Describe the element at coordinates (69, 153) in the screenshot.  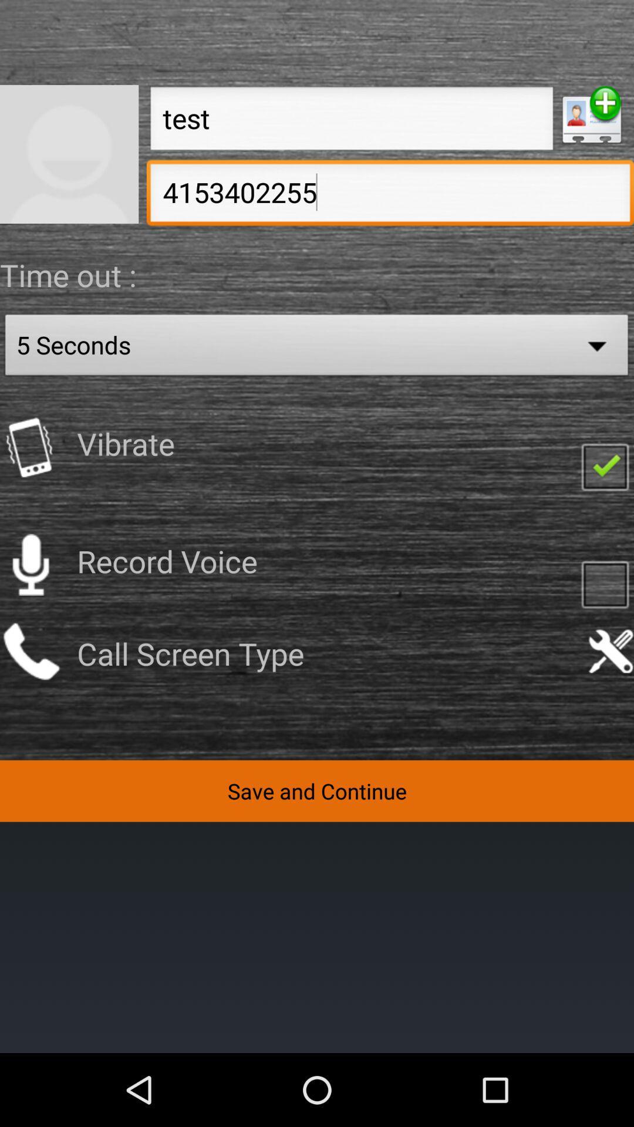
I see `profile` at that location.